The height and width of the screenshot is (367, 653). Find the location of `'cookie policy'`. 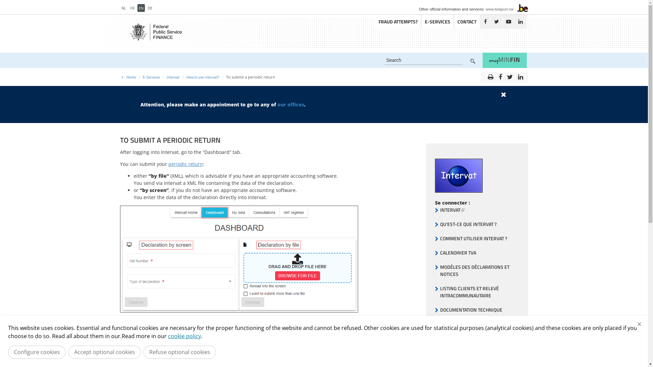

'cookie policy' is located at coordinates (184, 335).